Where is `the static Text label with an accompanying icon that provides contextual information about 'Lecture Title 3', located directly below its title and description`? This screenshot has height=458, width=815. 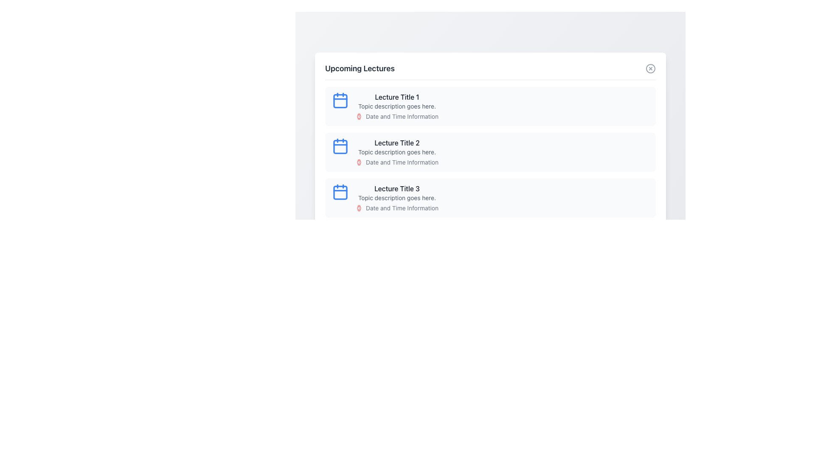 the static Text label with an accompanying icon that provides contextual information about 'Lecture Title 3', located directly below its title and description is located at coordinates (396, 208).